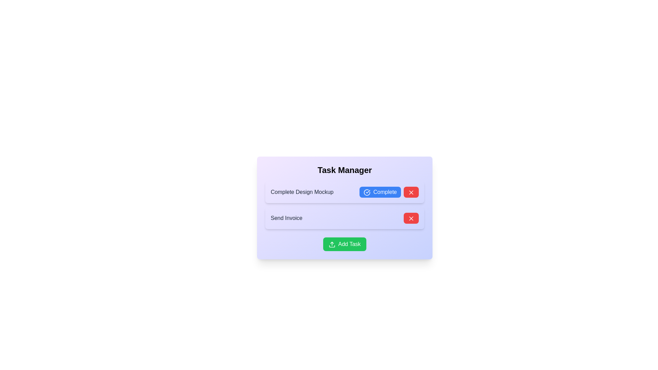 This screenshot has width=658, height=370. What do you see at coordinates (380, 192) in the screenshot?
I see `the first button in the group of interactive buttons in the 'Task Manager' interface` at bounding box center [380, 192].